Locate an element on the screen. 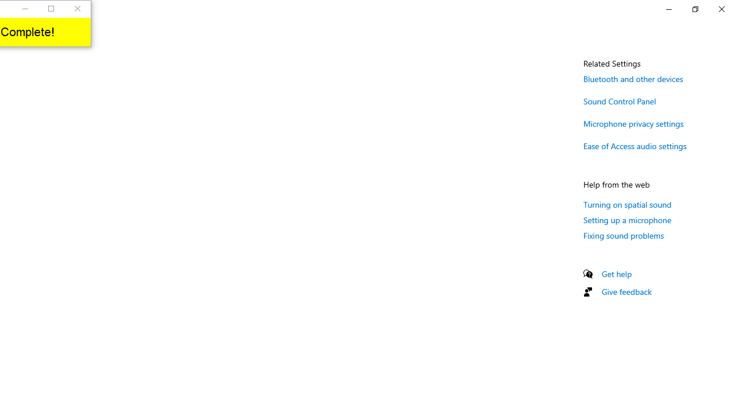 This screenshot has width=735, height=413. 'Give feedback' is located at coordinates (626, 291).